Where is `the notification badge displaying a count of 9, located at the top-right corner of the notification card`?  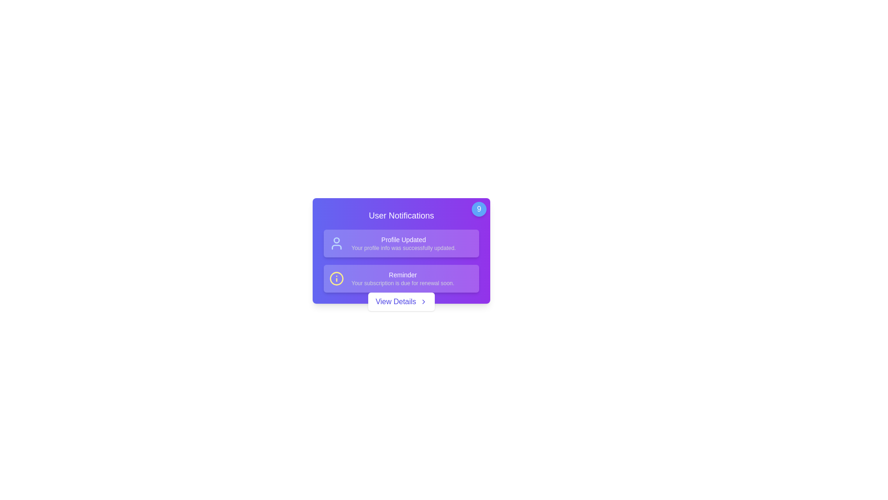
the notification badge displaying a count of 9, located at the top-right corner of the notification card is located at coordinates (479, 209).